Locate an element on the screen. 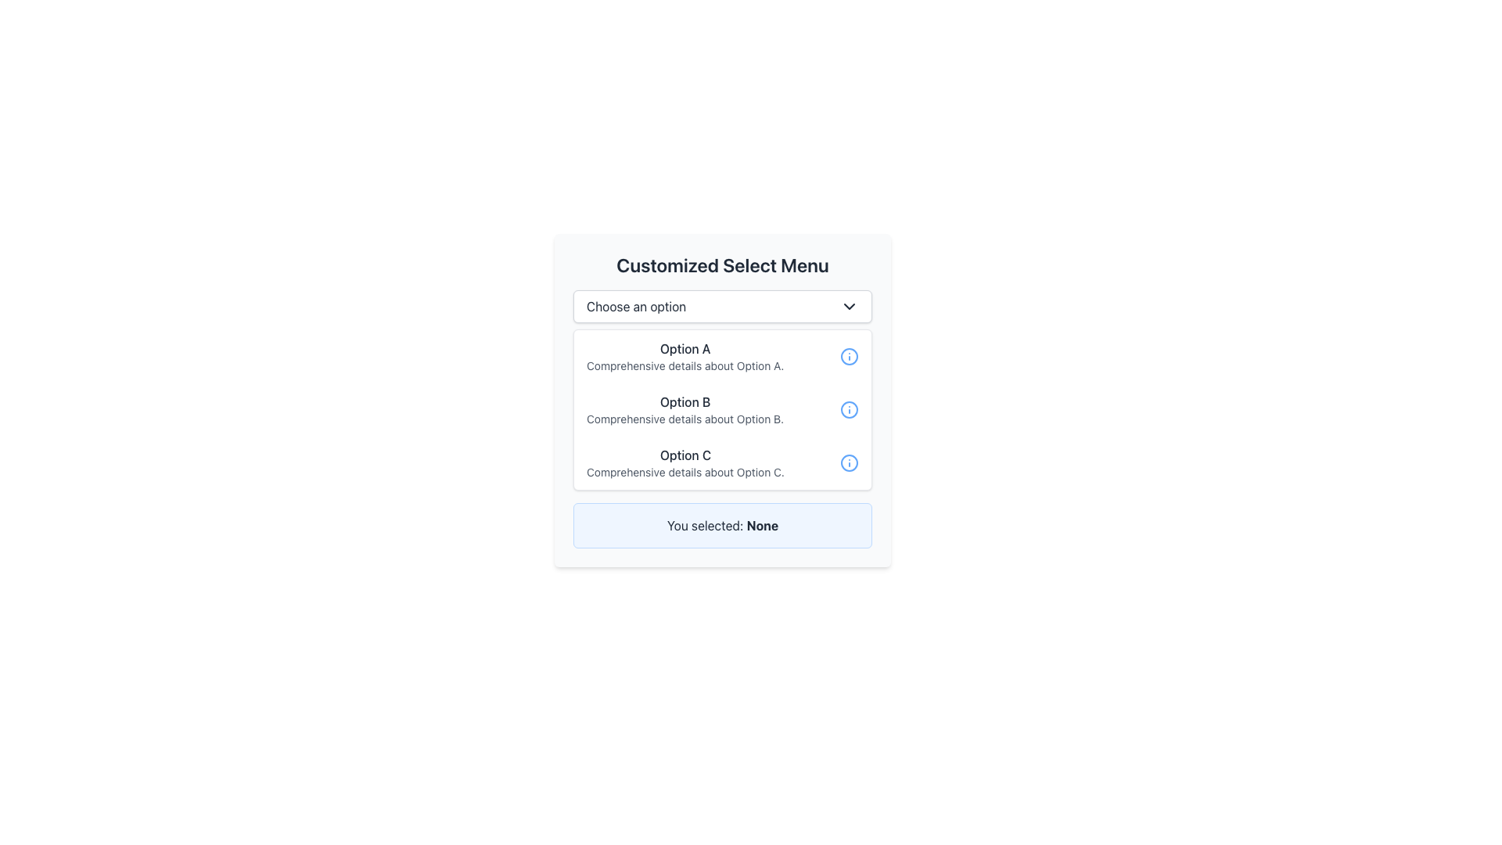 The width and height of the screenshot is (1502, 845). the information icon located at the far right of the 'Option B' selection box, which serves as a visual cue for additional information is located at coordinates (848, 409).